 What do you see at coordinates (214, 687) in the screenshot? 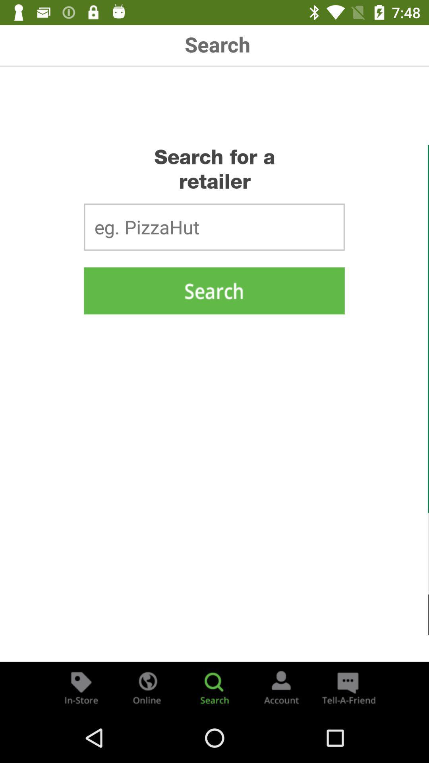
I see `search for retailer` at bounding box center [214, 687].